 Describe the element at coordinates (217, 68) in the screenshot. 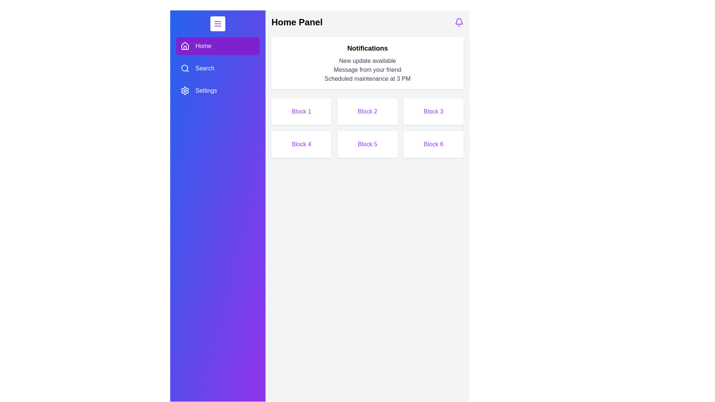

I see `the Search tab by clicking on its corresponding button` at that location.